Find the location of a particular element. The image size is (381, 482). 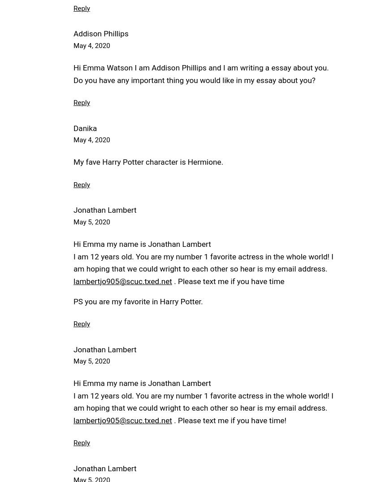

'. Please text me if you have time' is located at coordinates (228, 281).